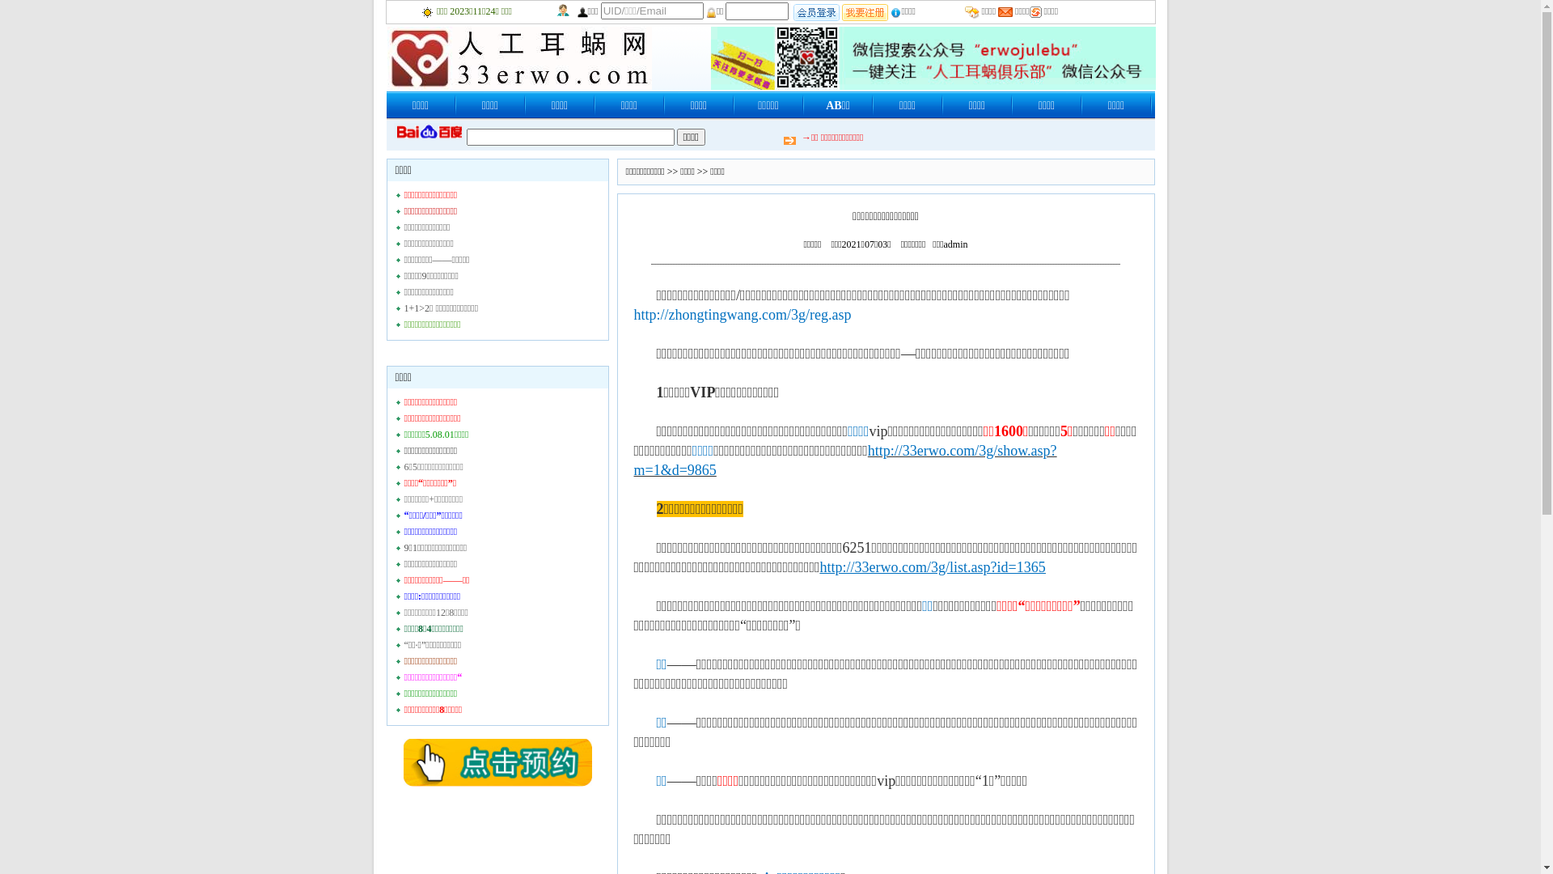 The height and width of the screenshot is (874, 1553). What do you see at coordinates (819, 565) in the screenshot?
I see `'http://33erwo.com/3g/list.asp?id=1365'` at bounding box center [819, 565].